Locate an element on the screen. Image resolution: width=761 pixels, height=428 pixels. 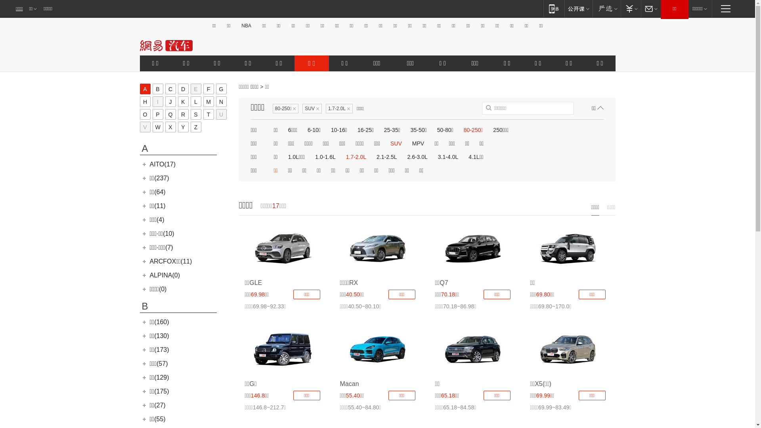
'L' is located at coordinates (195, 101).